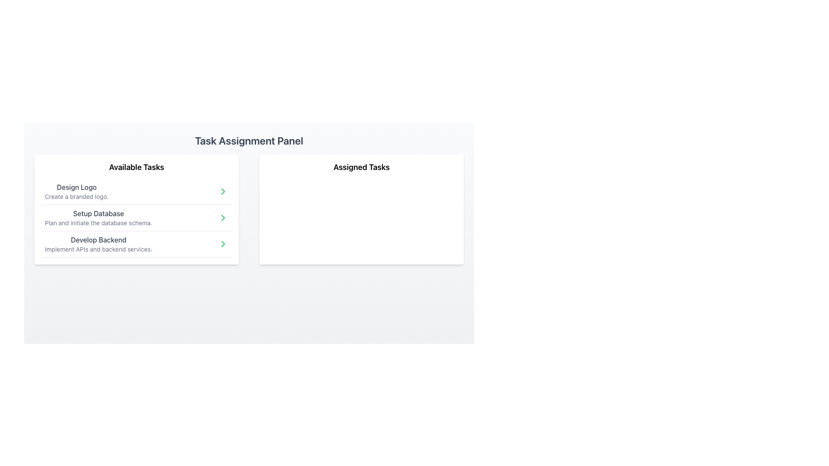  What do you see at coordinates (98, 244) in the screenshot?
I see `the 'Develop Backend' task text block in the 'Available Tasks' section` at bounding box center [98, 244].